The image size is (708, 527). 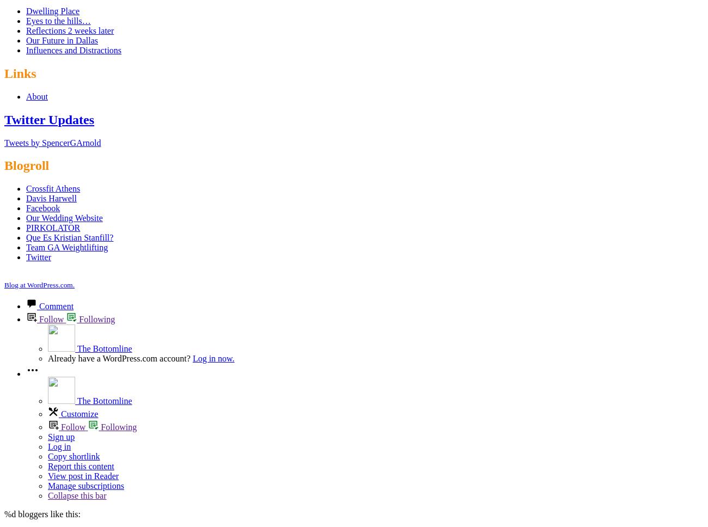 I want to click on 'Customize', so click(x=60, y=414).